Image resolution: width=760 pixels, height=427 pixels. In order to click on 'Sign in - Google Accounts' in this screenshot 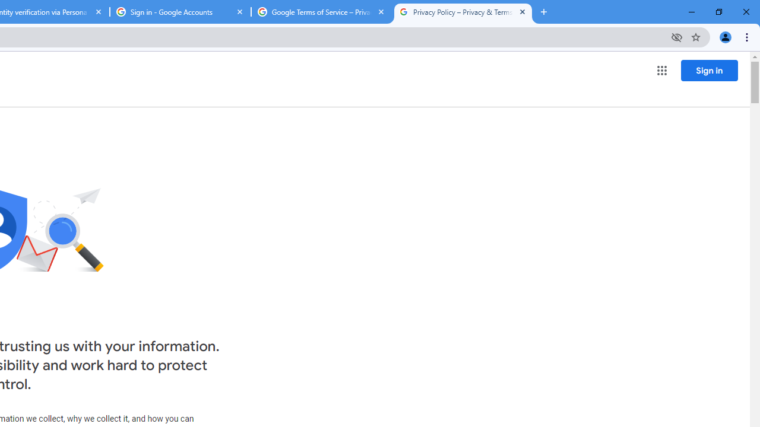, I will do `click(180, 12)`.